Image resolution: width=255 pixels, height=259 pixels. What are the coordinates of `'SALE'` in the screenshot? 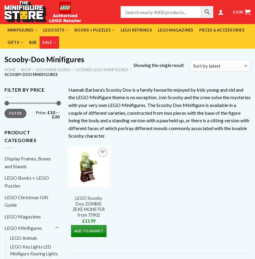 It's located at (47, 42).